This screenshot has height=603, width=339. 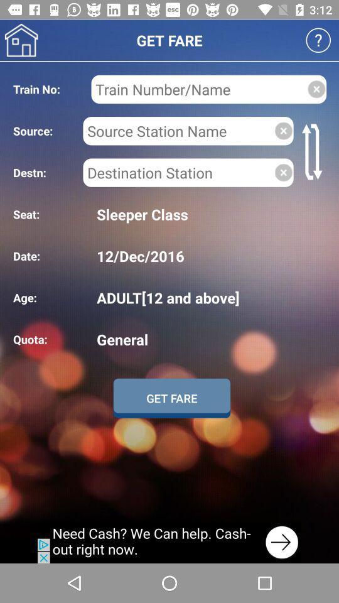 I want to click on clear information, so click(x=316, y=89).